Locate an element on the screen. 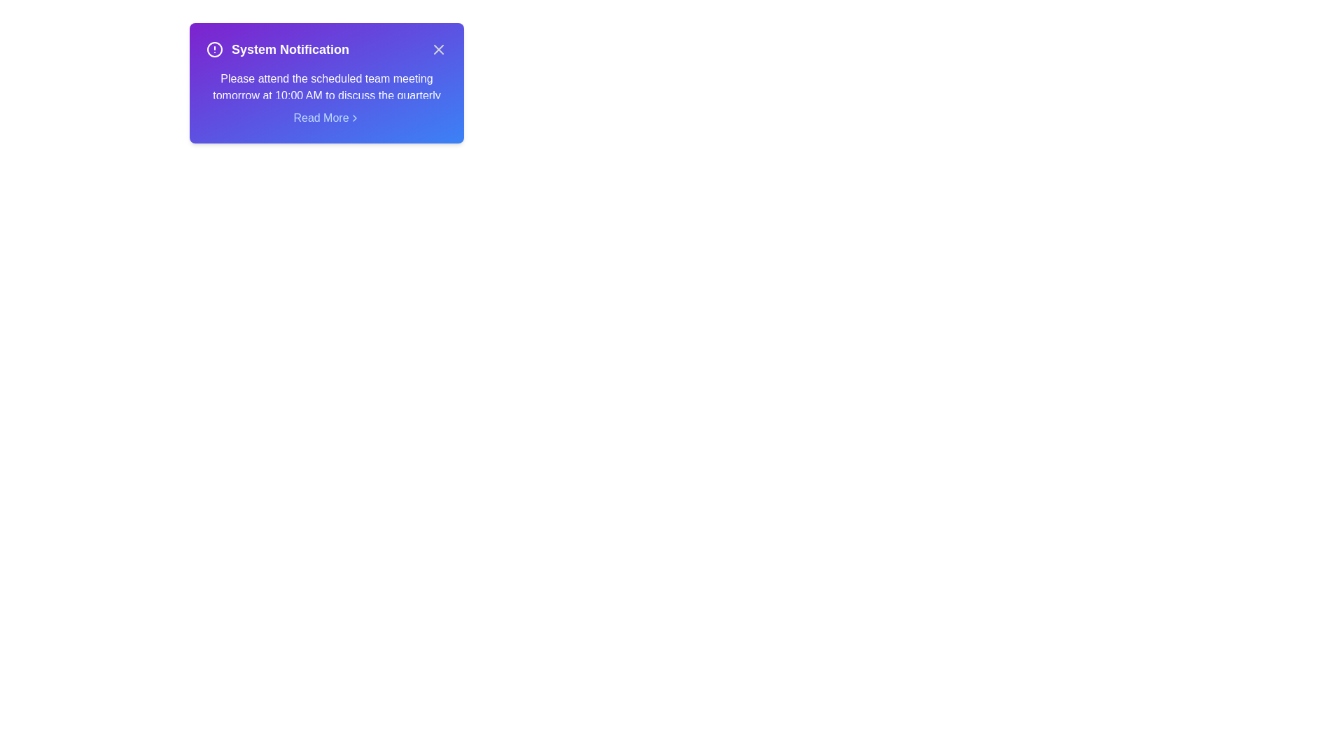 This screenshot has height=756, width=1344. close button to dismiss the alert is located at coordinates (438, 48).